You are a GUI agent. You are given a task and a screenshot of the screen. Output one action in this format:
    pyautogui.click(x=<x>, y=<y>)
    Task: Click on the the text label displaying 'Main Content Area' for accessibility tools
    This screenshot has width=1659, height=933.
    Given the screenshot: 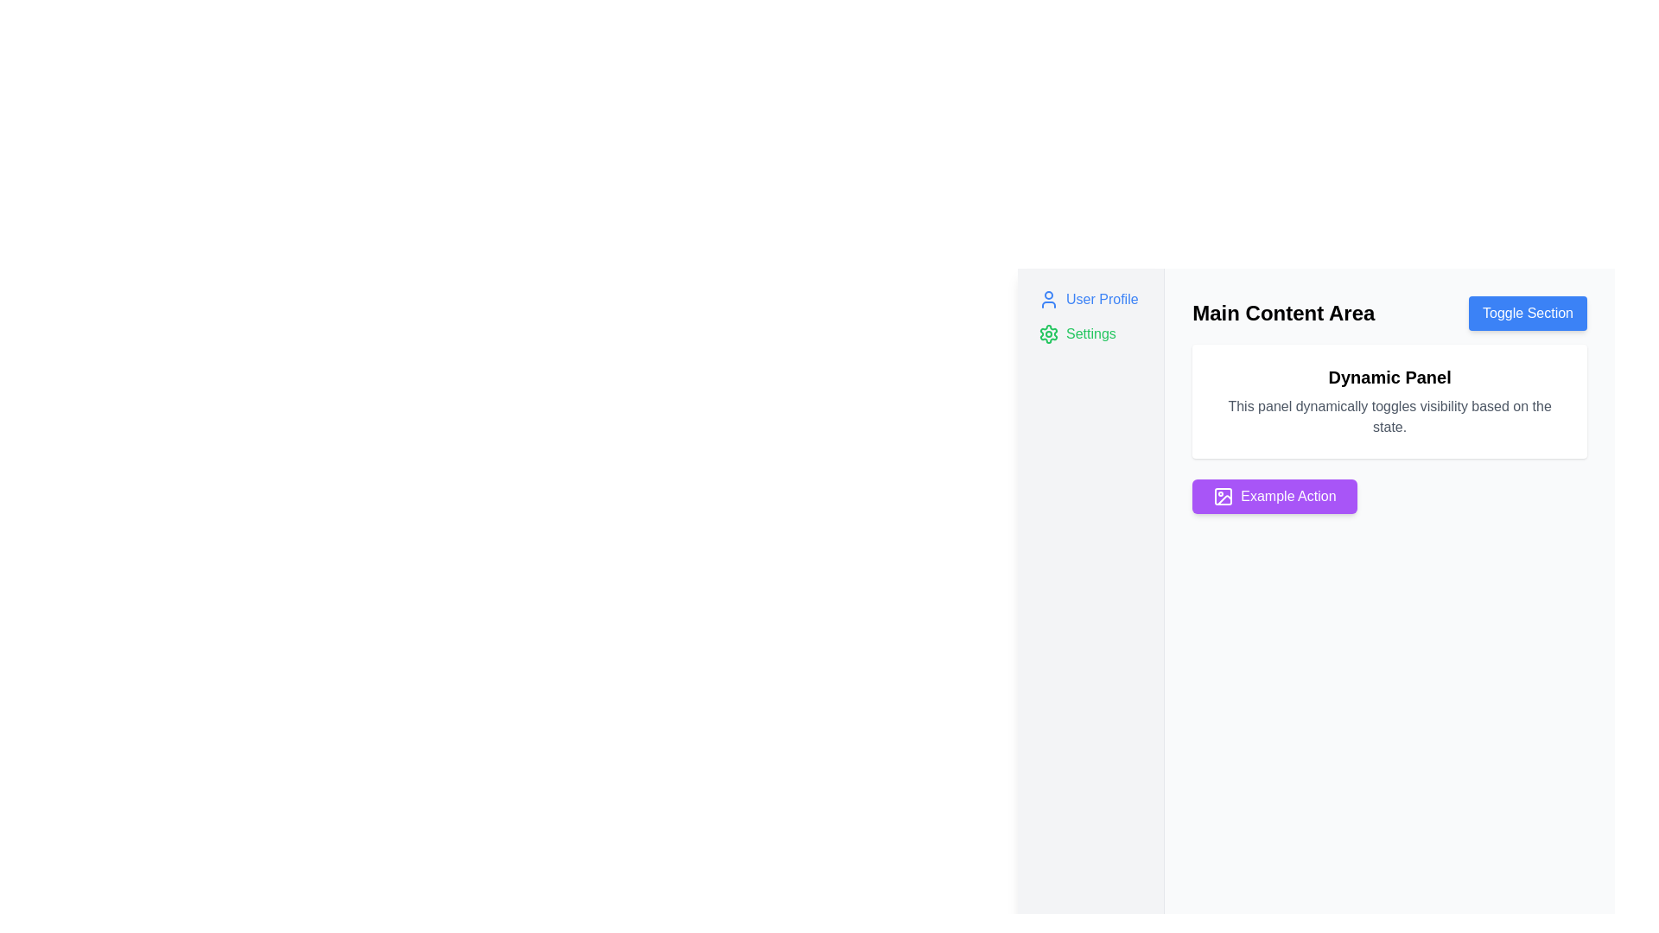 What is the action you would take?
    pyautogui.click(x=1283, y=313)
    